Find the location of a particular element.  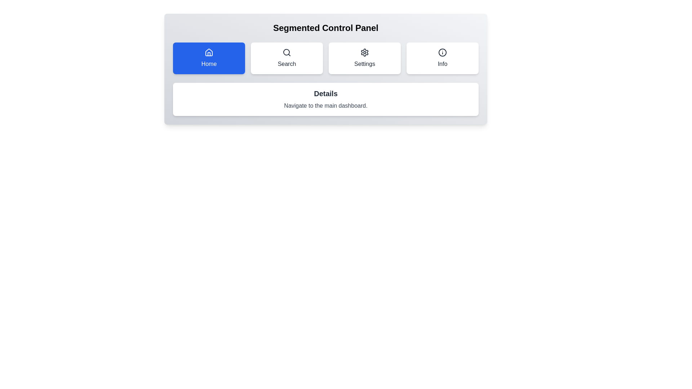

the search button, which is the second button in a horizontal grid layout is located at coordinates (287, 58).